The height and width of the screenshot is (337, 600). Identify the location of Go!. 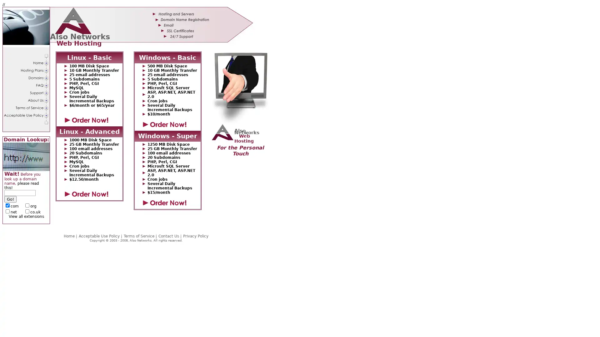
(10, 199).